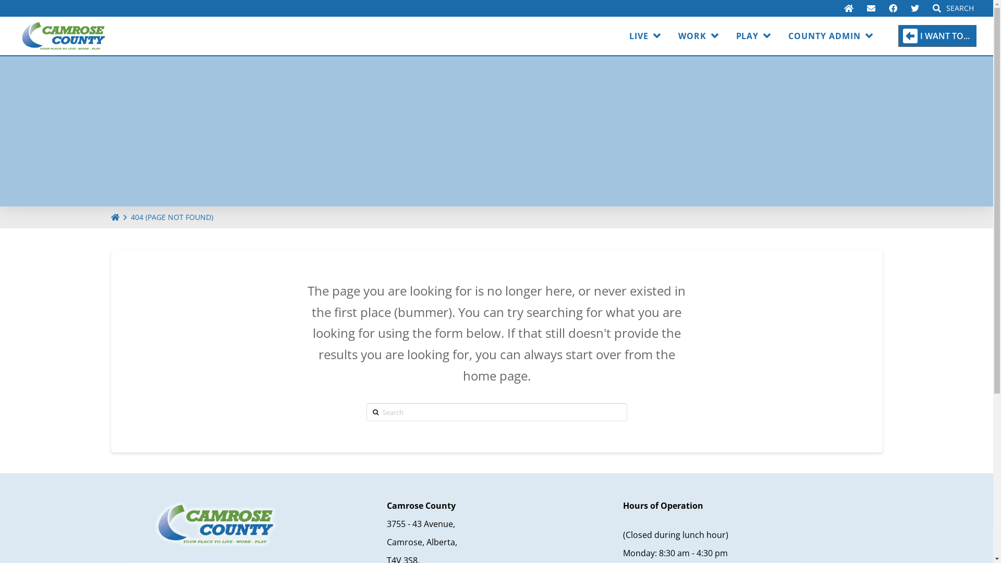 This screenshot has width=1001, height=563. What do you see at coordinates (172, 217) in the screenshot?
I see `'404 (PAGE NOT FOUND)'` at bounding box center [172, 217].